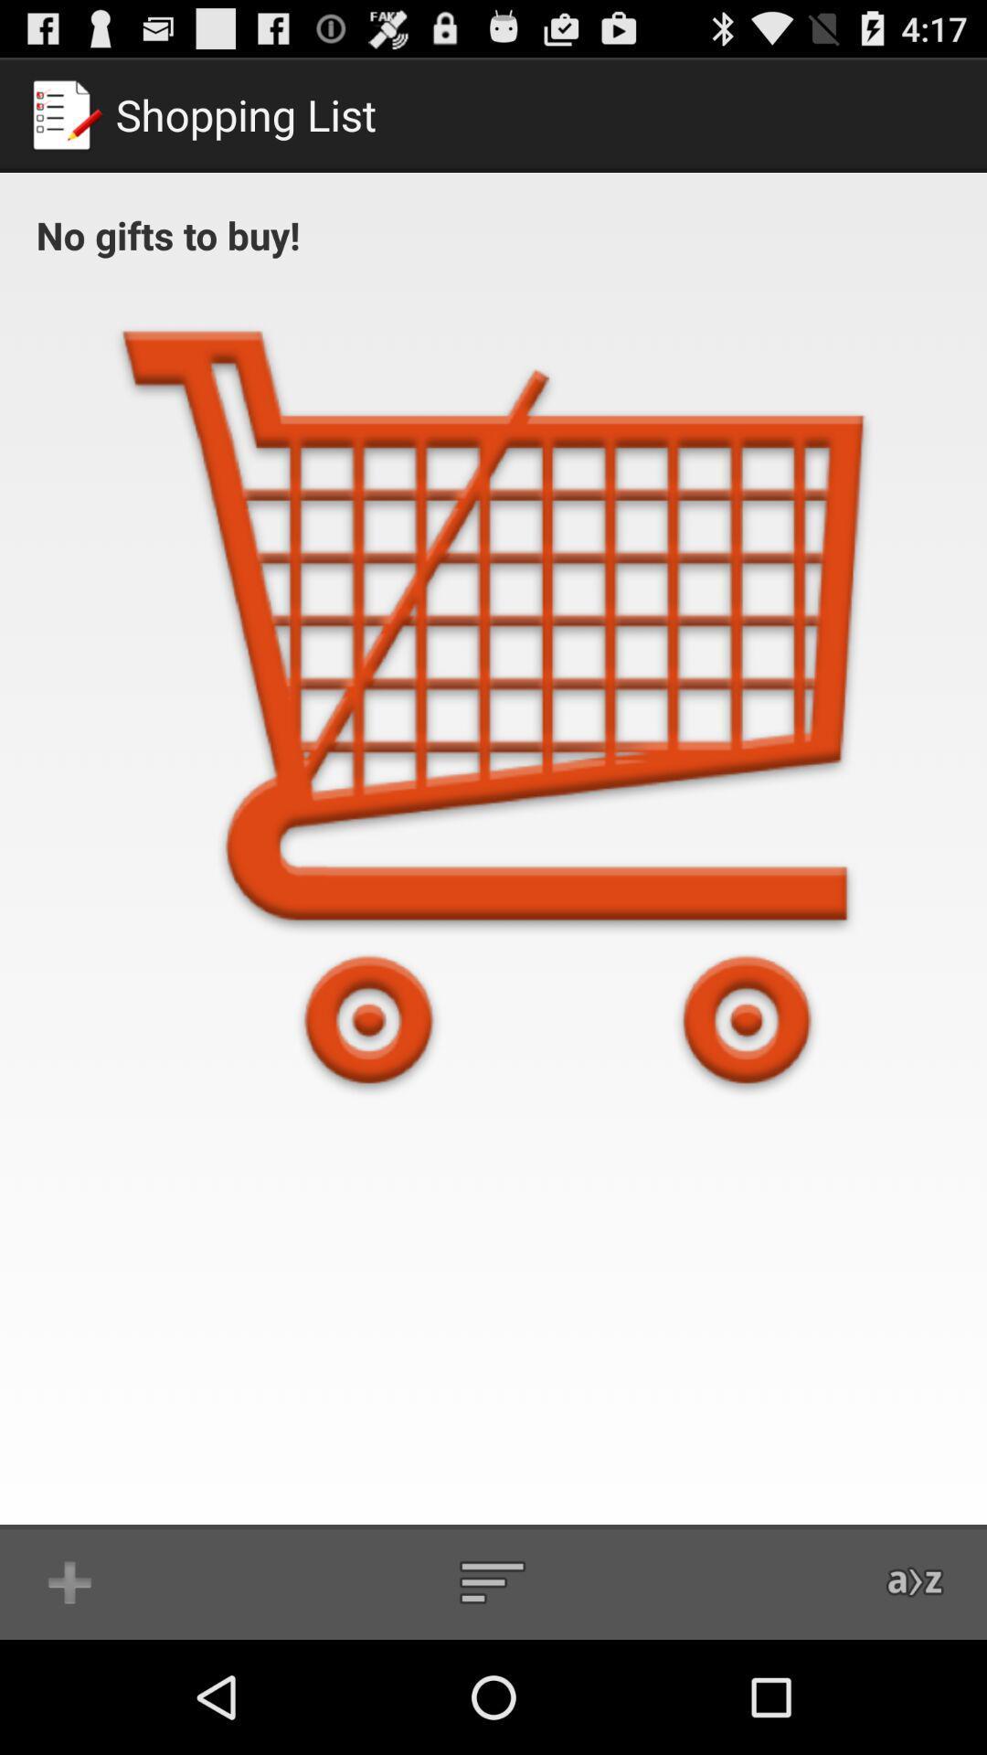  Describe the element at coordinates (916, 1581) in the screenshot. I see `icon at the bottom right corner` at that location.